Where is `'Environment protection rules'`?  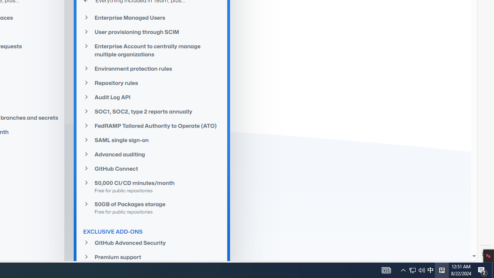 'Environment protection rules' is located at coordinates (152, 68).